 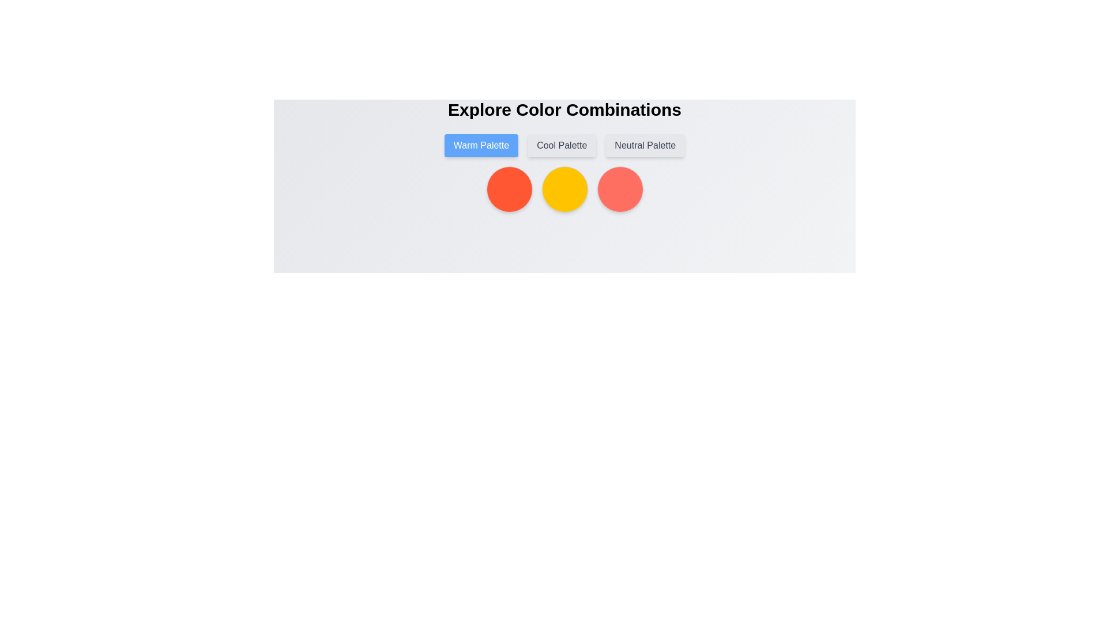 I want to click on the rightmost button in the horizontal group below the title 'Explore Color Combinations', so click(x=644, y=145).